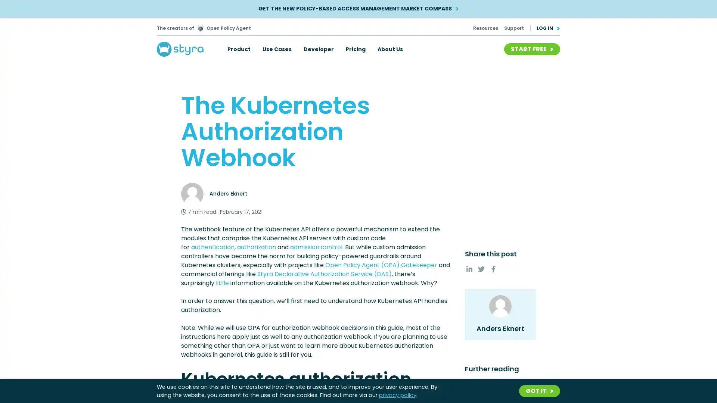  Describe the element at coordinates (539, 391) in the screenshot. I see `GOT IT >` at that location.